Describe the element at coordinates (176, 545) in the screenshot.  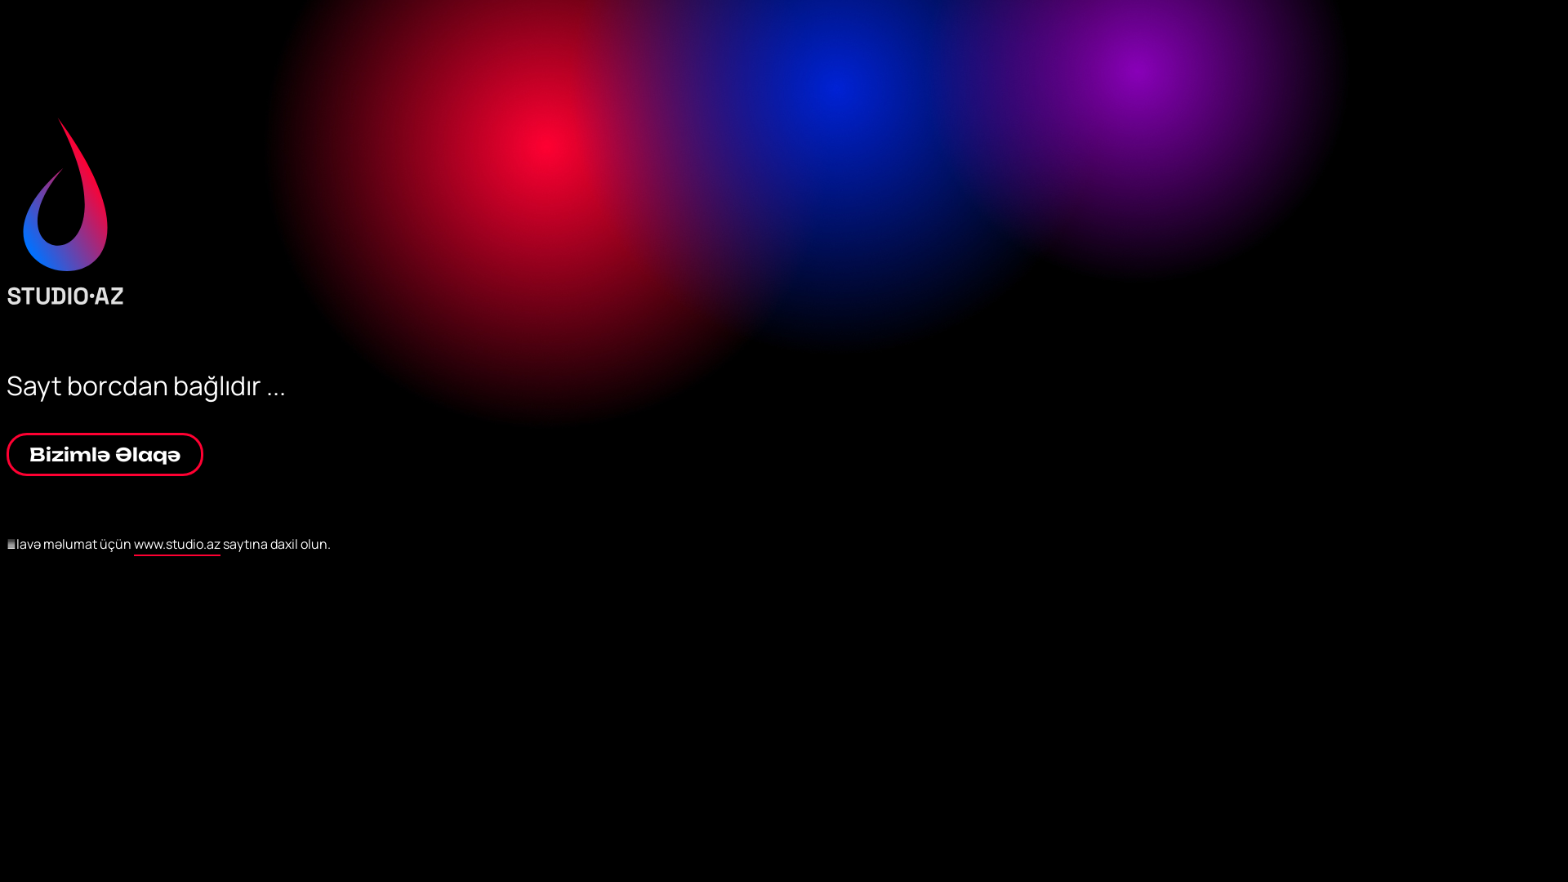
I see `'www.studio.az'` at that location.